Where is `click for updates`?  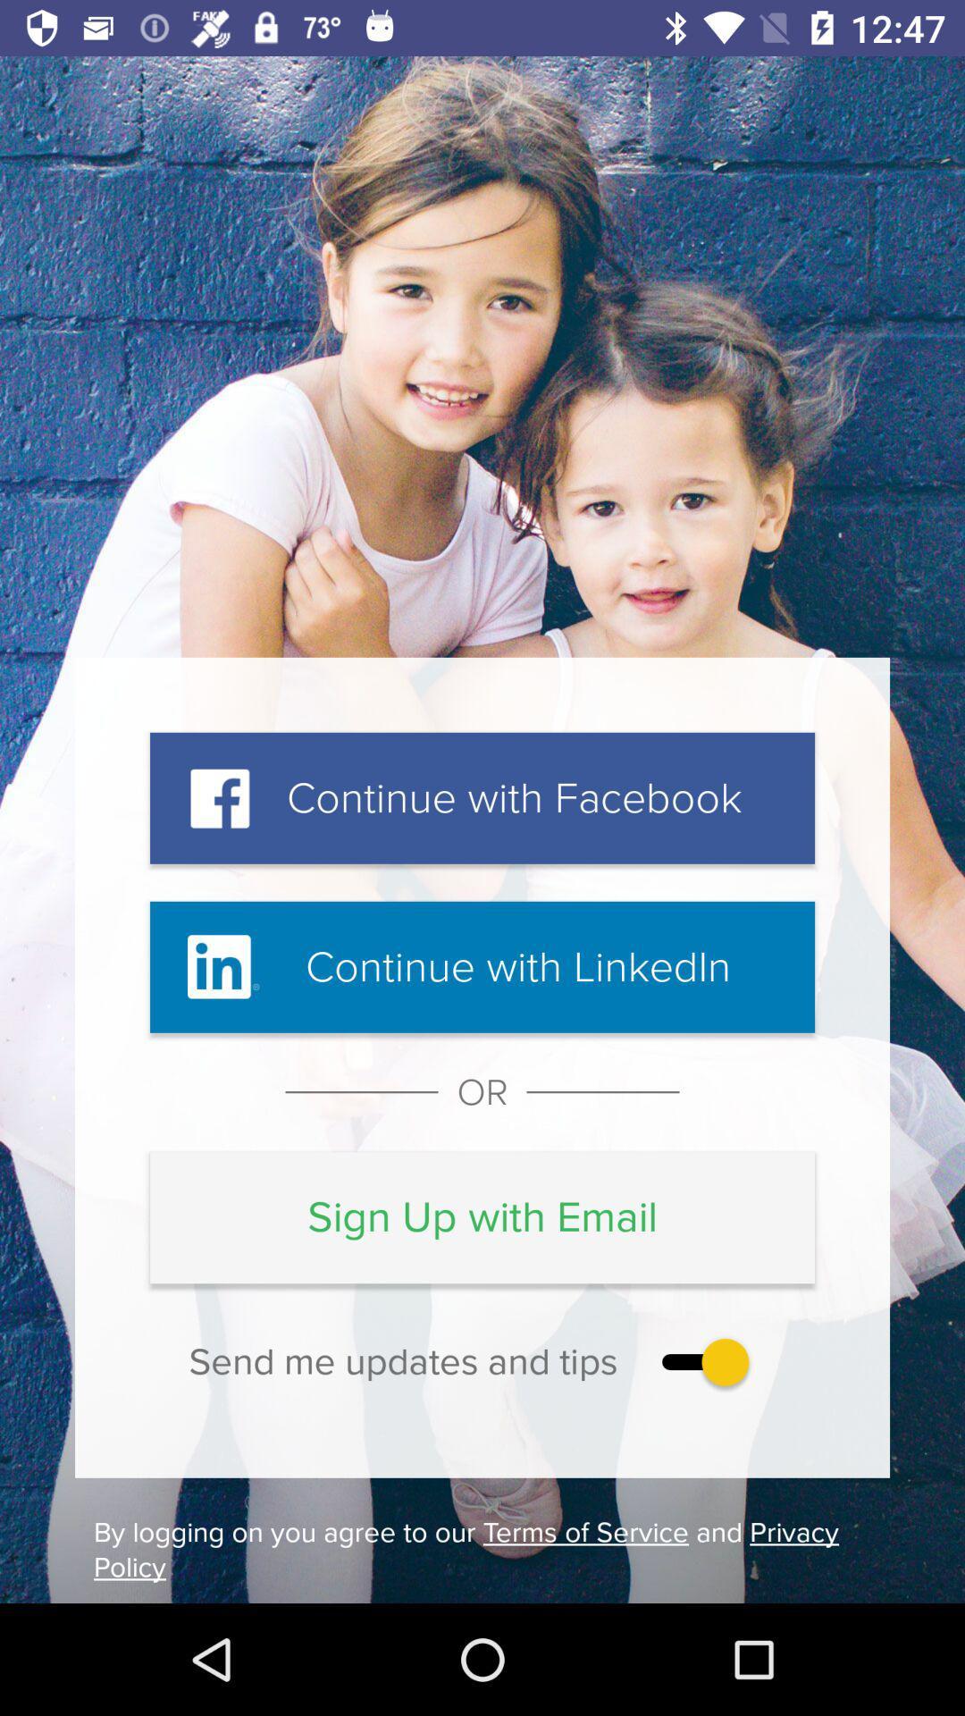
click for updates is located at coordinates (701, 1360).